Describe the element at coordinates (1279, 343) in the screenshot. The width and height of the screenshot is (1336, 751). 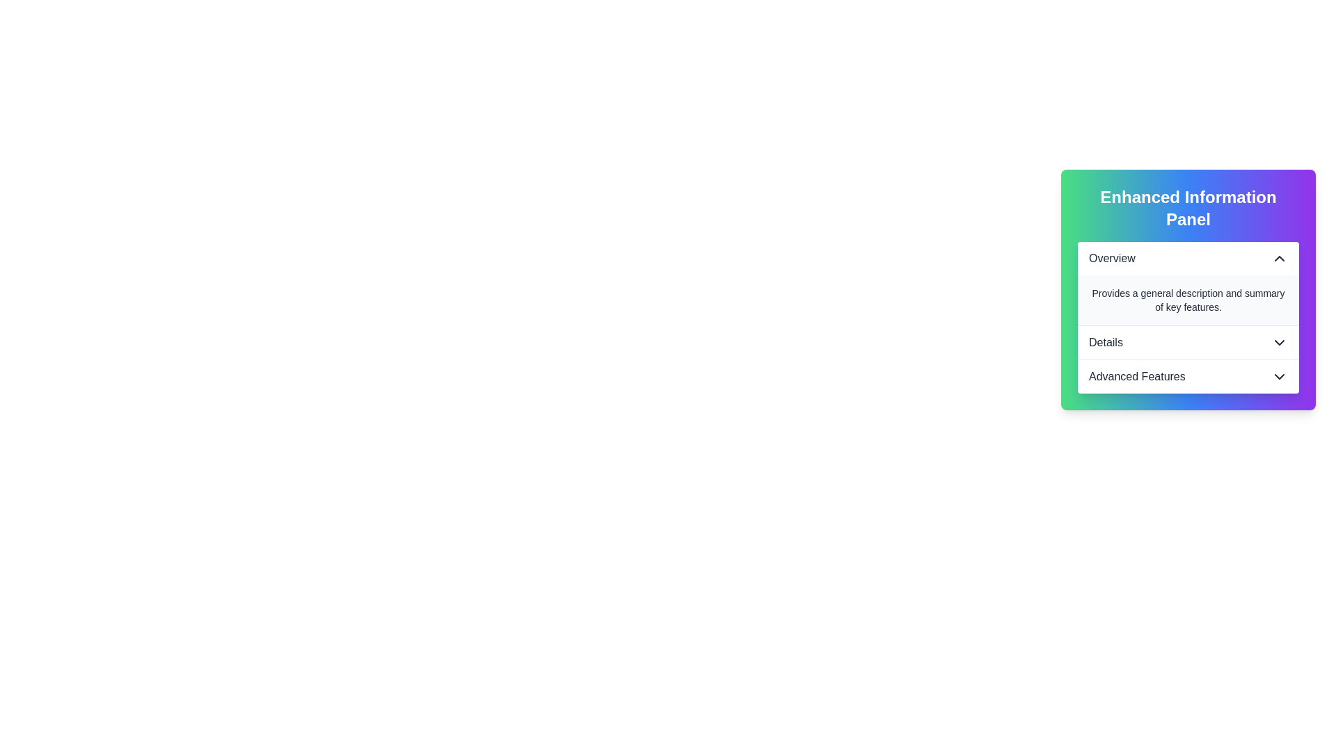
I see `the toggle icon in the 'Details' section` at that location.